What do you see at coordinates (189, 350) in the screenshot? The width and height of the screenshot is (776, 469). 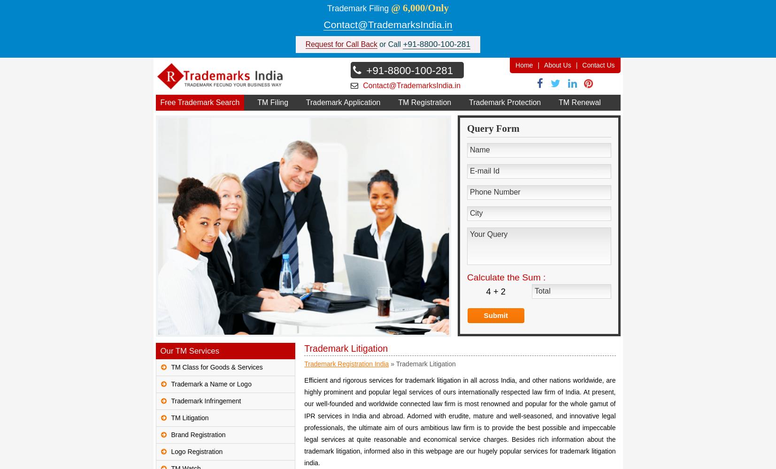 I see `'Our TM Services'` at bounding box center [189, 350].